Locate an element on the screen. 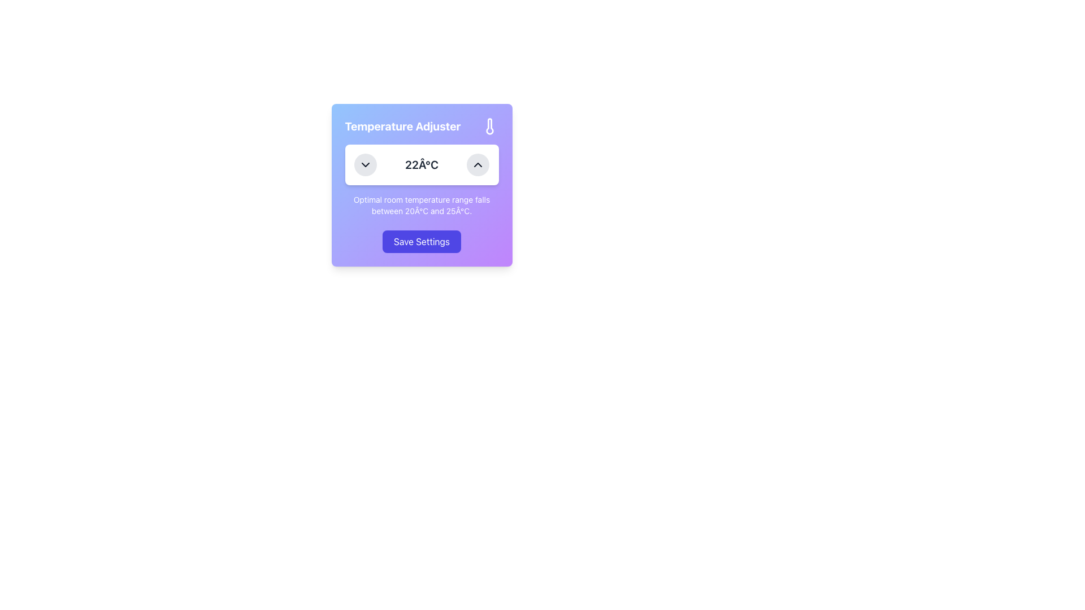 Image resolution: width=1085 pixels, height=610 pixels. the 'Save Settings' button with a purple background is located at coordinates (421, 241).